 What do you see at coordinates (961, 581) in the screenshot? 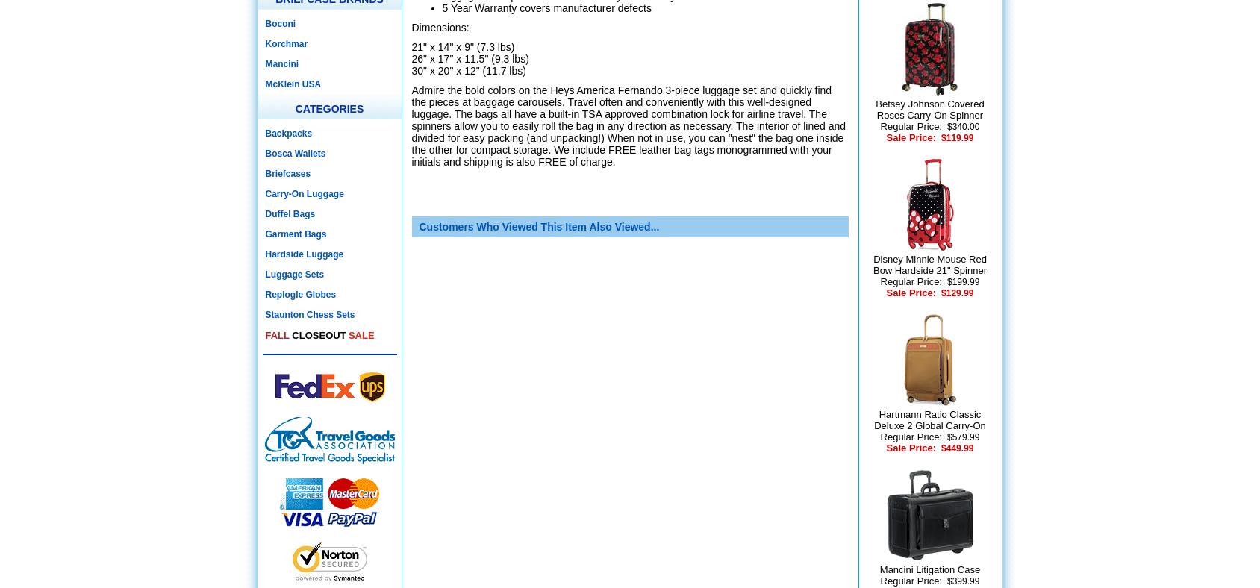
I see `'$399.99'` at bounding box center [961, 581].